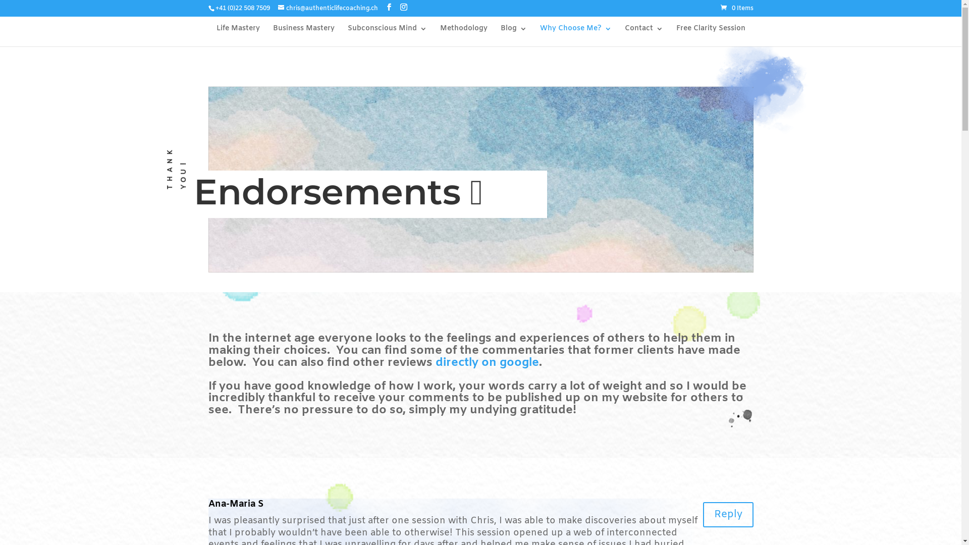  Describe the element at coordinates (487, 362) in the screenshot. I see `'directly on google'` at that location.